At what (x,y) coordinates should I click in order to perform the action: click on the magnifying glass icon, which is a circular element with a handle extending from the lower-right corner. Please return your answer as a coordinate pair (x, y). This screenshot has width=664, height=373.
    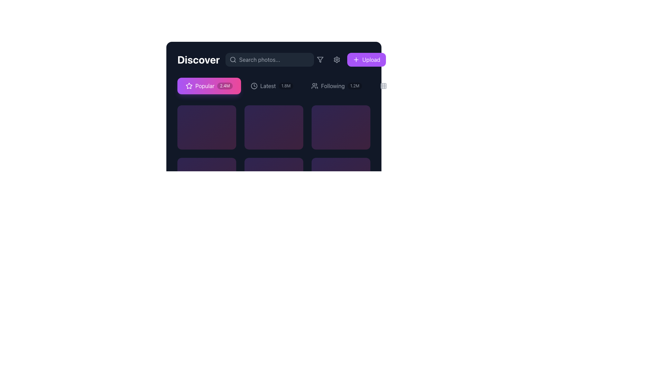
    Looking at the image, I should click on (233, 59).